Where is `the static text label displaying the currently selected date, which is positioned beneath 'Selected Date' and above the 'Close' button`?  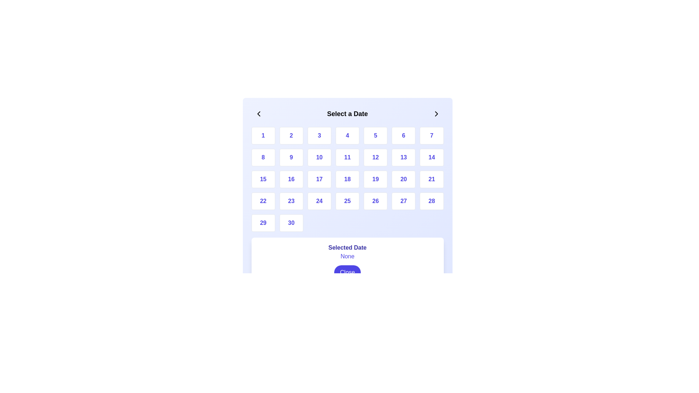
the static text label displaying the currently selected date, which is positioned beneath 'Selected Date' and above the 'Close' button is located at coordinates (347, 256).